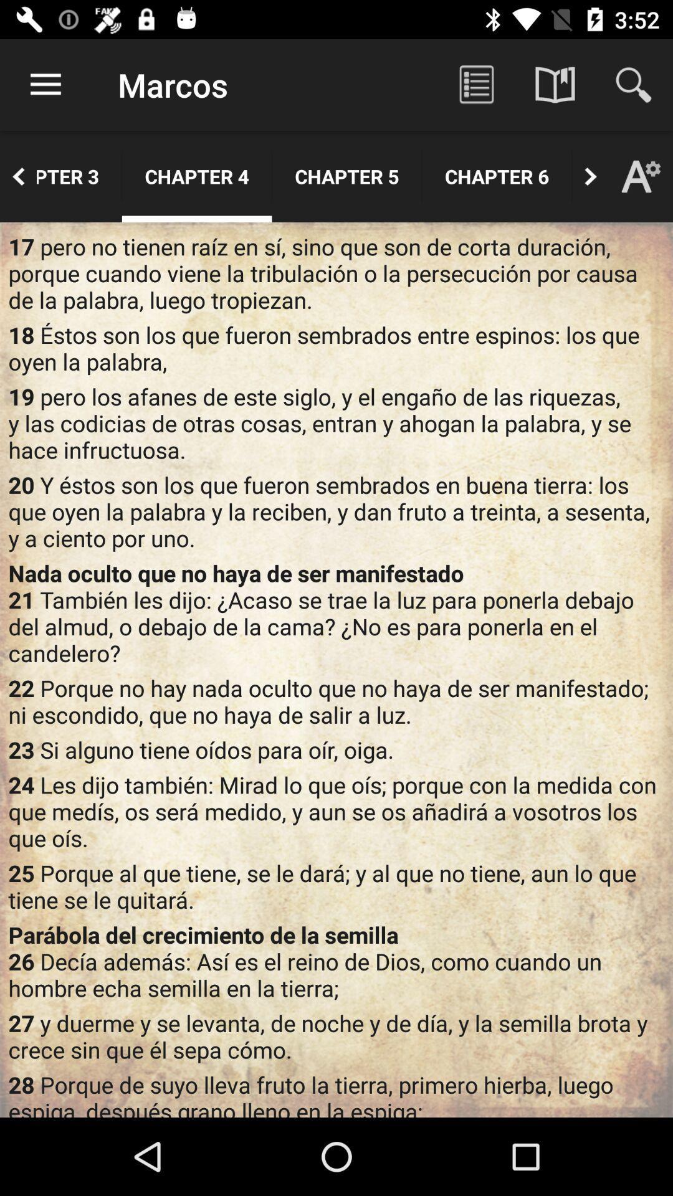 Image resolution: width=673 pixels, height=1196 pixels. What do you see at coordinates (476, 84) in the screenshot?
I see `the app above the chapter 6 item` at bounding box center [476, 84].